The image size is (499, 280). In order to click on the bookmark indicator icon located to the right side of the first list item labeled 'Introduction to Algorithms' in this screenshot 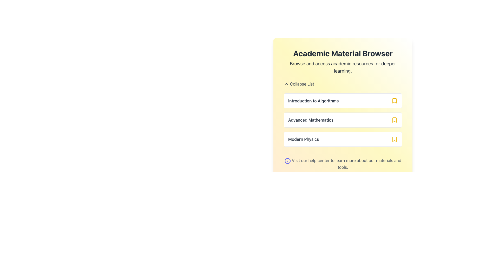, I will do `click(394, 101)`.